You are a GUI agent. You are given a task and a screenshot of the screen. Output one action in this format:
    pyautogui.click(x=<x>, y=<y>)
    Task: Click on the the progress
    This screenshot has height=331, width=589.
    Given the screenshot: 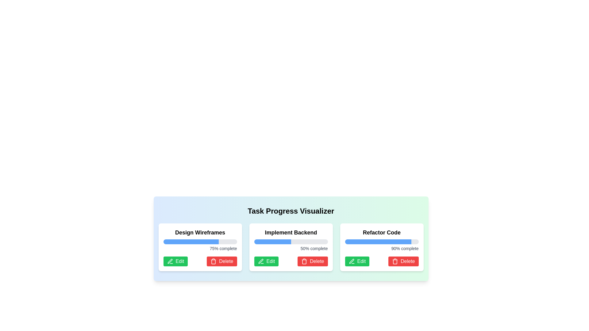 What is the action you would take?
    pyautogui.click(x=349, y=242)
    